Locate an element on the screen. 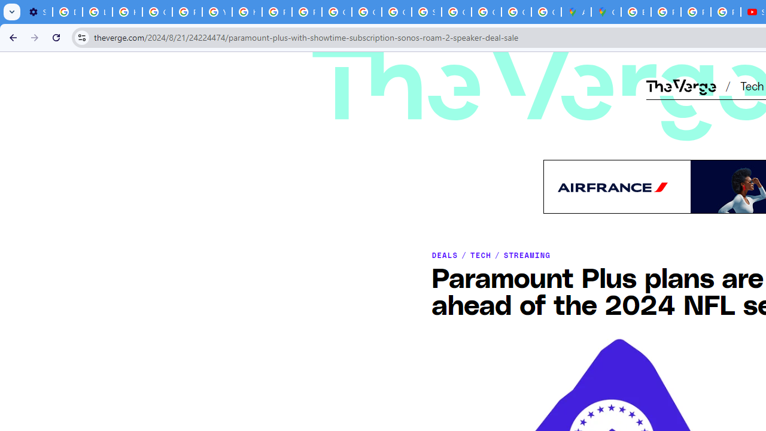 Image resolution: width=766 pixels, height=431 pixels. 'Tech' is located at coordinates (751, 84).